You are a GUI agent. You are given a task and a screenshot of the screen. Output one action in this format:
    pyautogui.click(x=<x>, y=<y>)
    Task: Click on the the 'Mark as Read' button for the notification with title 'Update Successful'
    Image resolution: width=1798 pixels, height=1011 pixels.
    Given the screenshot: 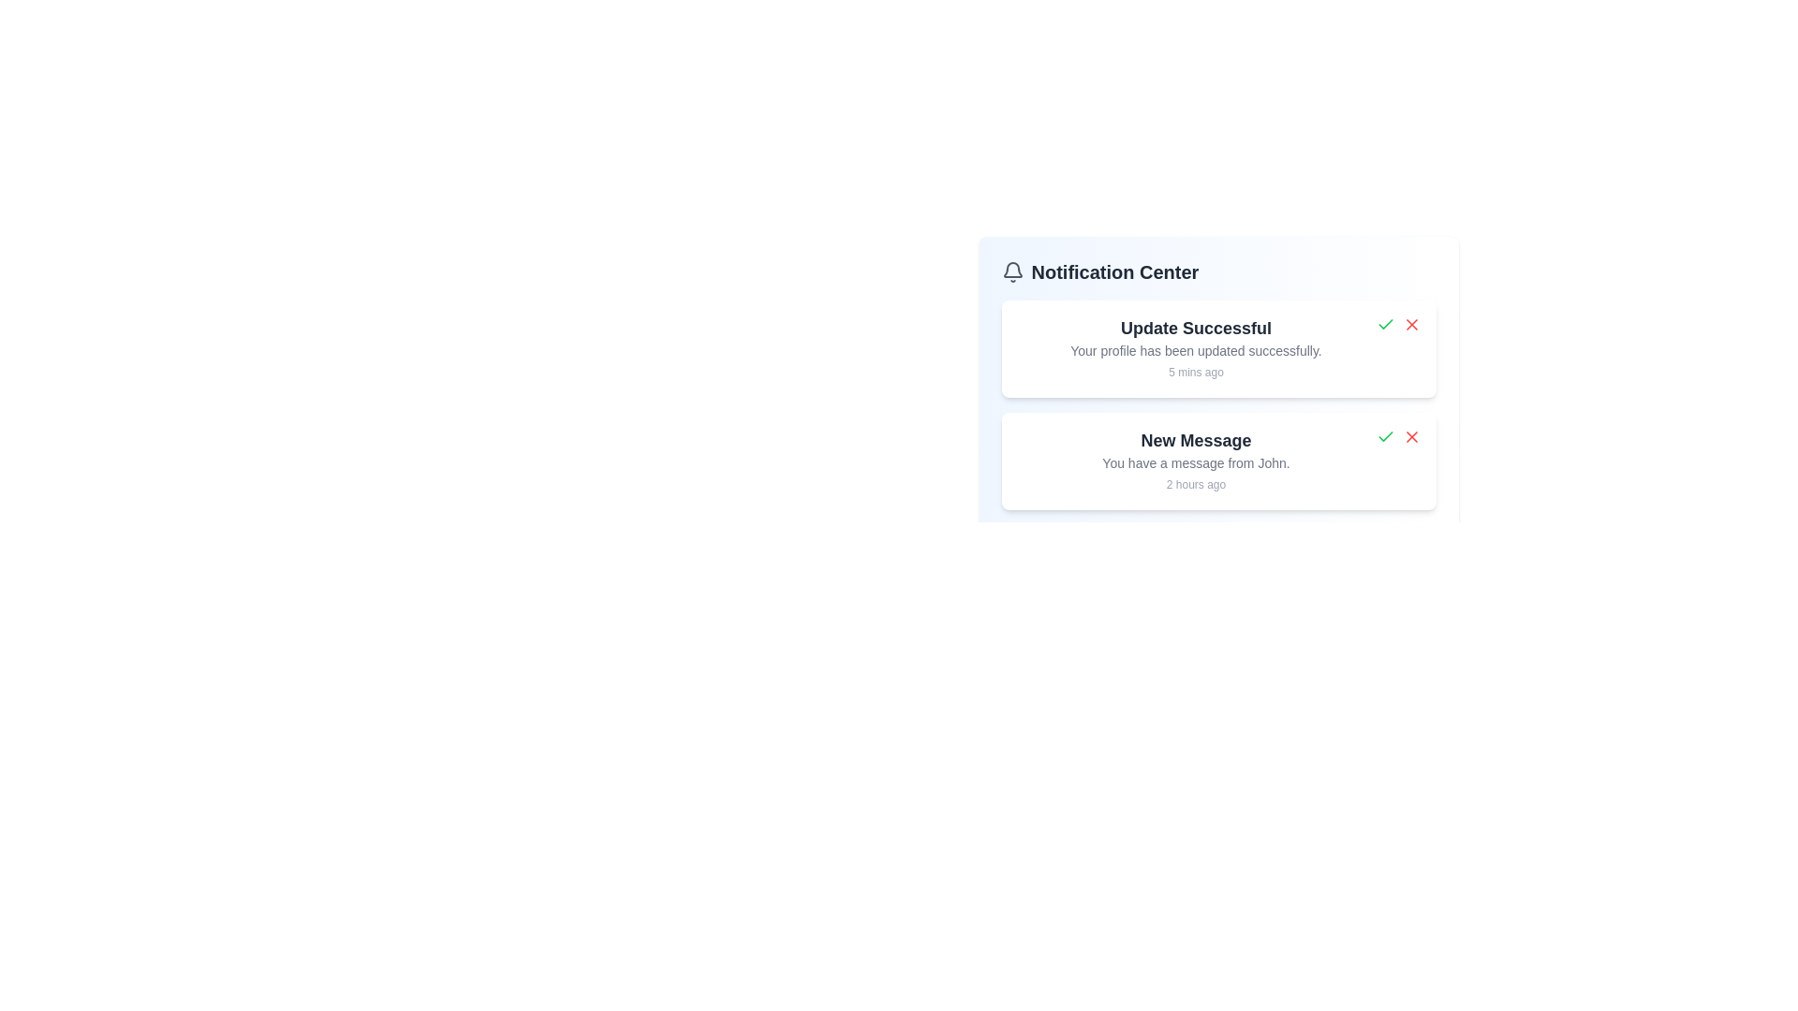 What is the action you would take?
    pyautogui.click(x=1385, y=324)
    